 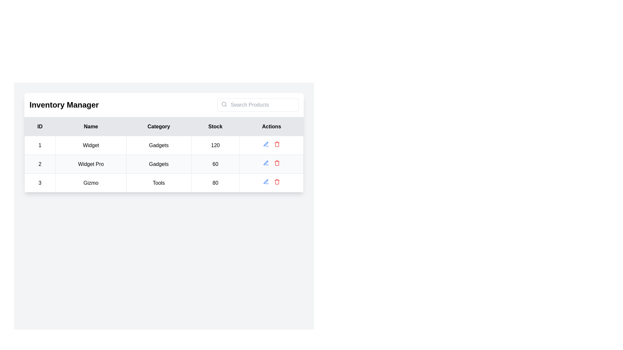 What do you see at coordinates (266, 162) in the screenshot?
I see `the blue-colored edit icon button in the Actions column of the table for the entry 'ID: 1', 'Name: Widget', 'Category: Gadgets' to trigger the hover effect` at bounding box center [266, 162].